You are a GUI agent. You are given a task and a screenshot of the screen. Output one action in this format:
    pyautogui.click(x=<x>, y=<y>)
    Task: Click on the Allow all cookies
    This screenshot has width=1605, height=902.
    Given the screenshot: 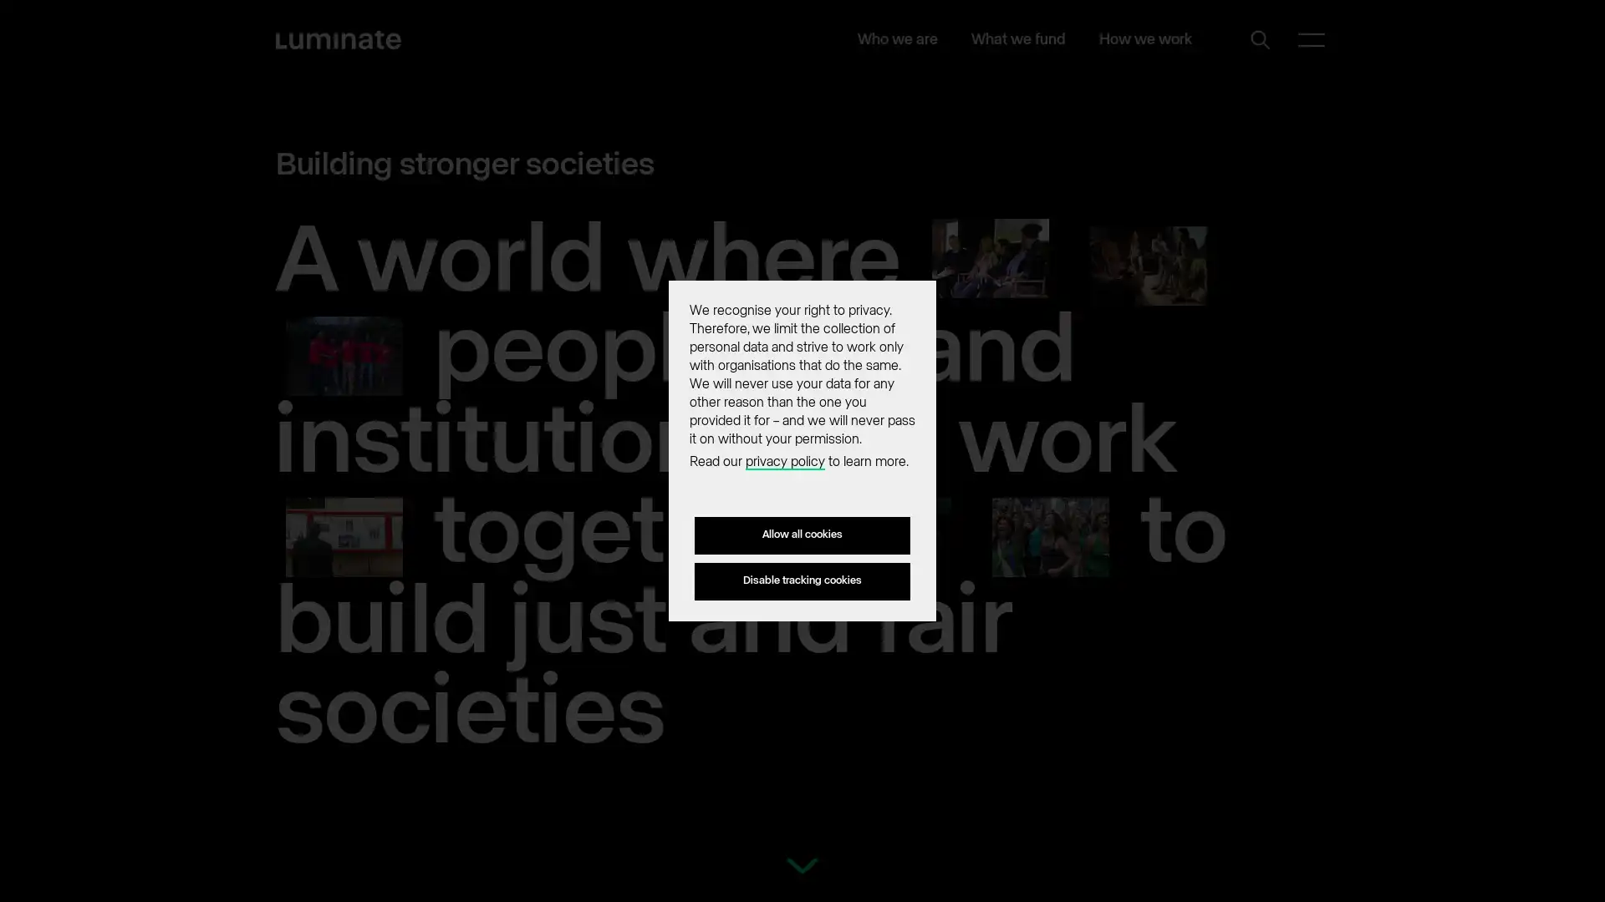 What is the action you would take?
    pyautogui.click(x=802, y=535)
    